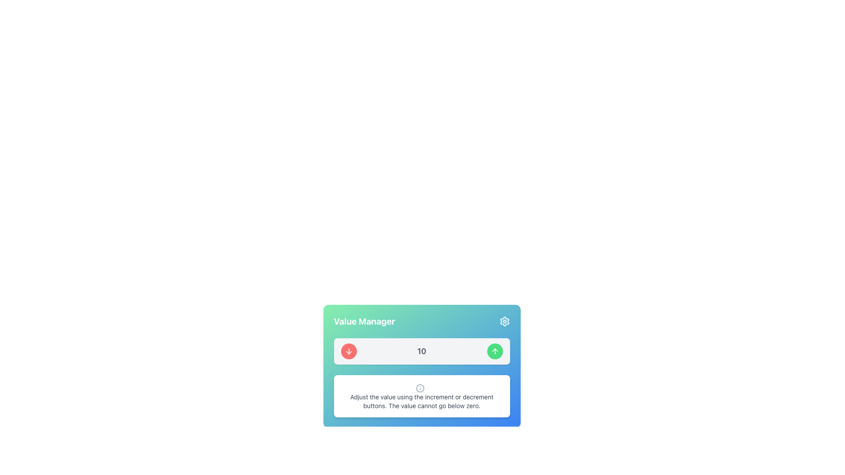 Image resolution: width=845 pixels, height=475 pixels. I want to click on the decorative circle graphic that serves as a visual representation within the SVG graphic in the lower portion of the card component, so click(419, 387).